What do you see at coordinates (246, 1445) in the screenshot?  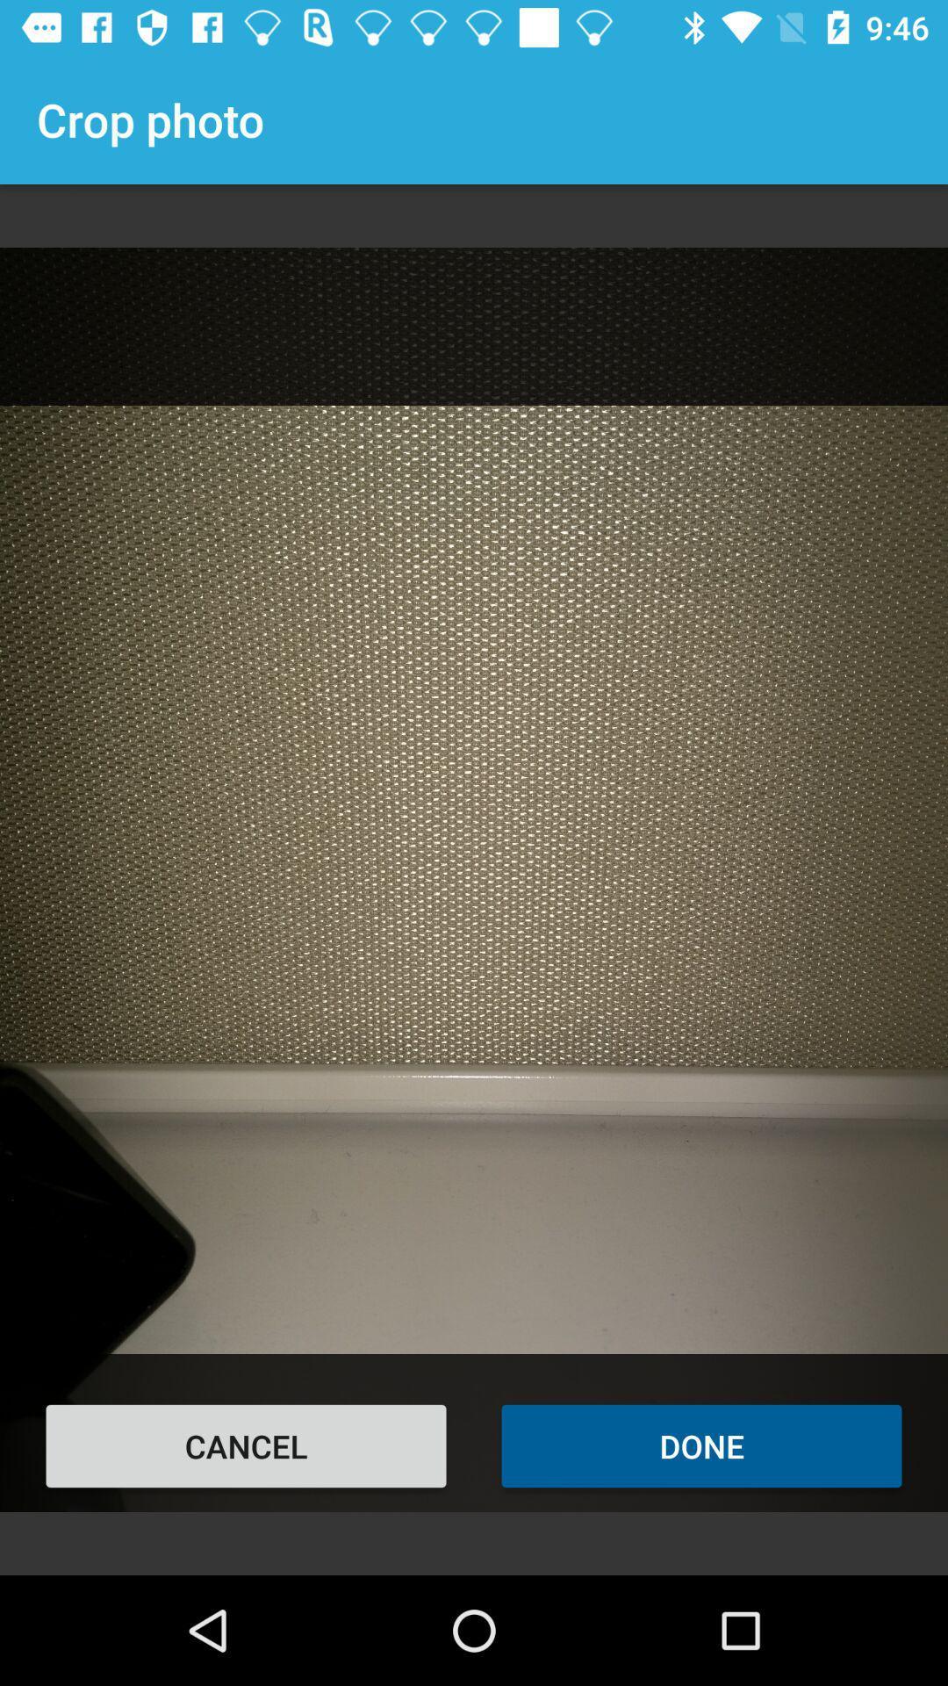 I see `icon next to the done icon` at bounding box center [246, 1445].